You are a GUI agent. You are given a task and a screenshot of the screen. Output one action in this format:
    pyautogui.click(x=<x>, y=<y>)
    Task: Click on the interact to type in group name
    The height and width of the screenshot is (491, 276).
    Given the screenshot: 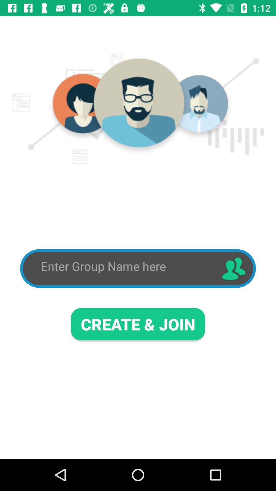 What is the action you would take?
    pyautogui.click(x=126, y=266)
    